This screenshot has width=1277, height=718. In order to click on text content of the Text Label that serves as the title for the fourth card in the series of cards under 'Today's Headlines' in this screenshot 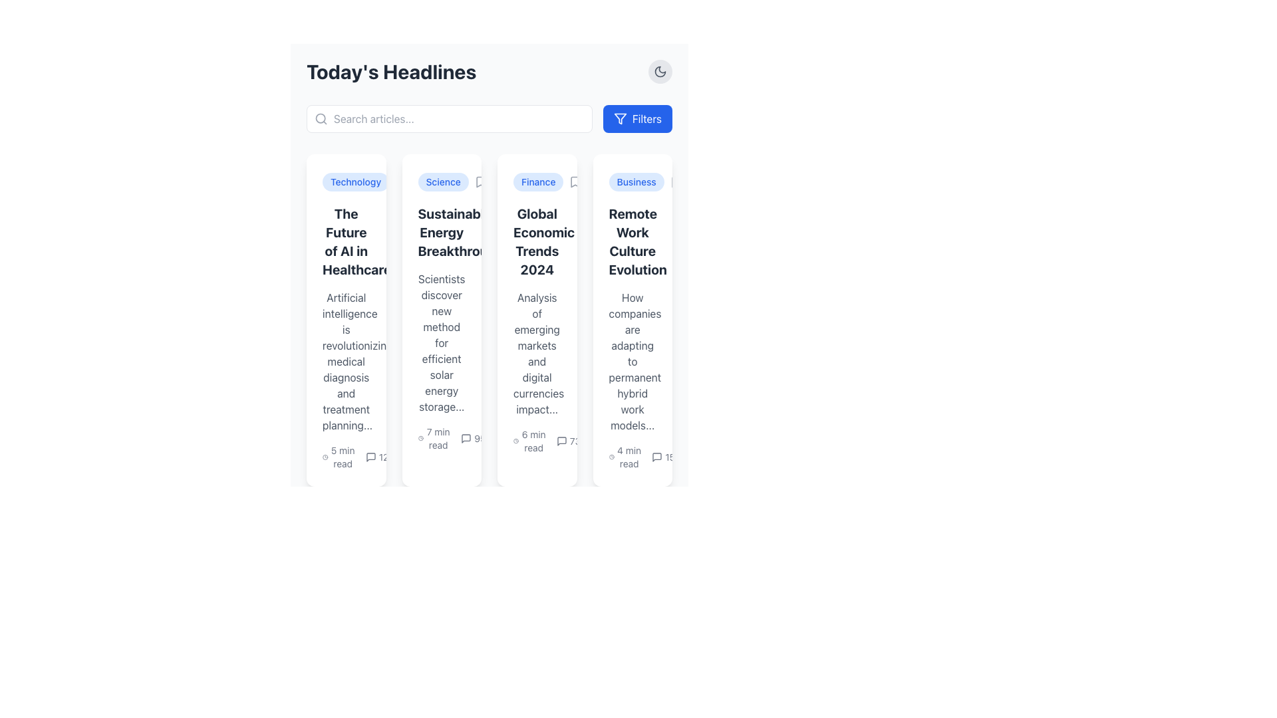, I will do `click(632, 241)`.